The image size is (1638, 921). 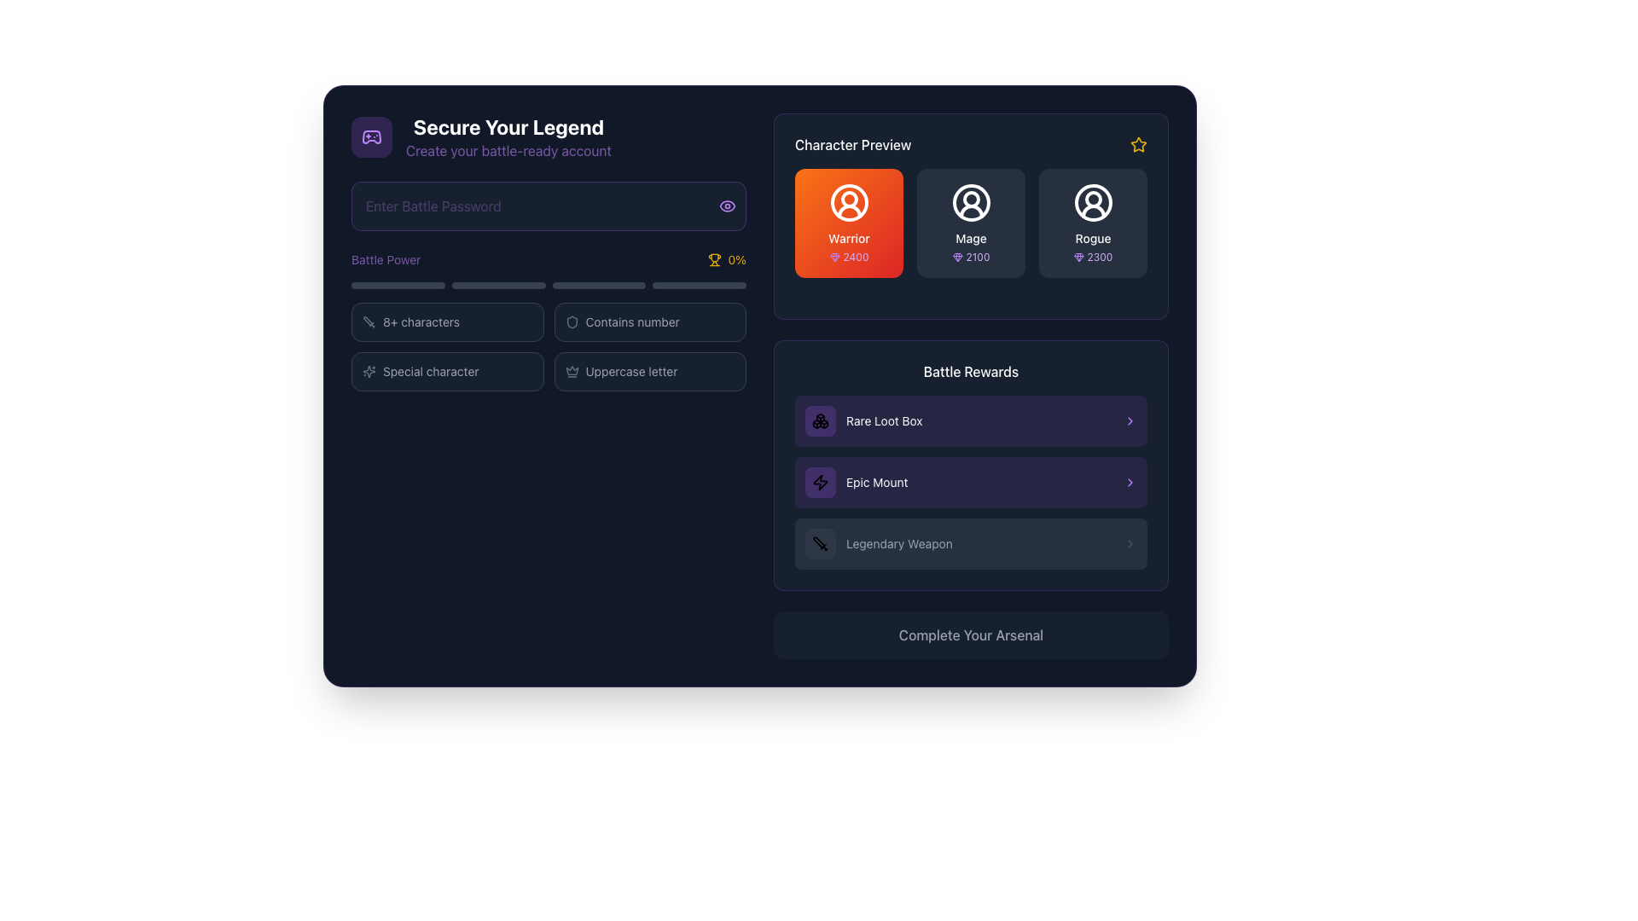 I want to click on the Label displaying '2400' with a purple diamond icon in the 'Character Preview' section under 'Warrior', so click(x=849, y=257).